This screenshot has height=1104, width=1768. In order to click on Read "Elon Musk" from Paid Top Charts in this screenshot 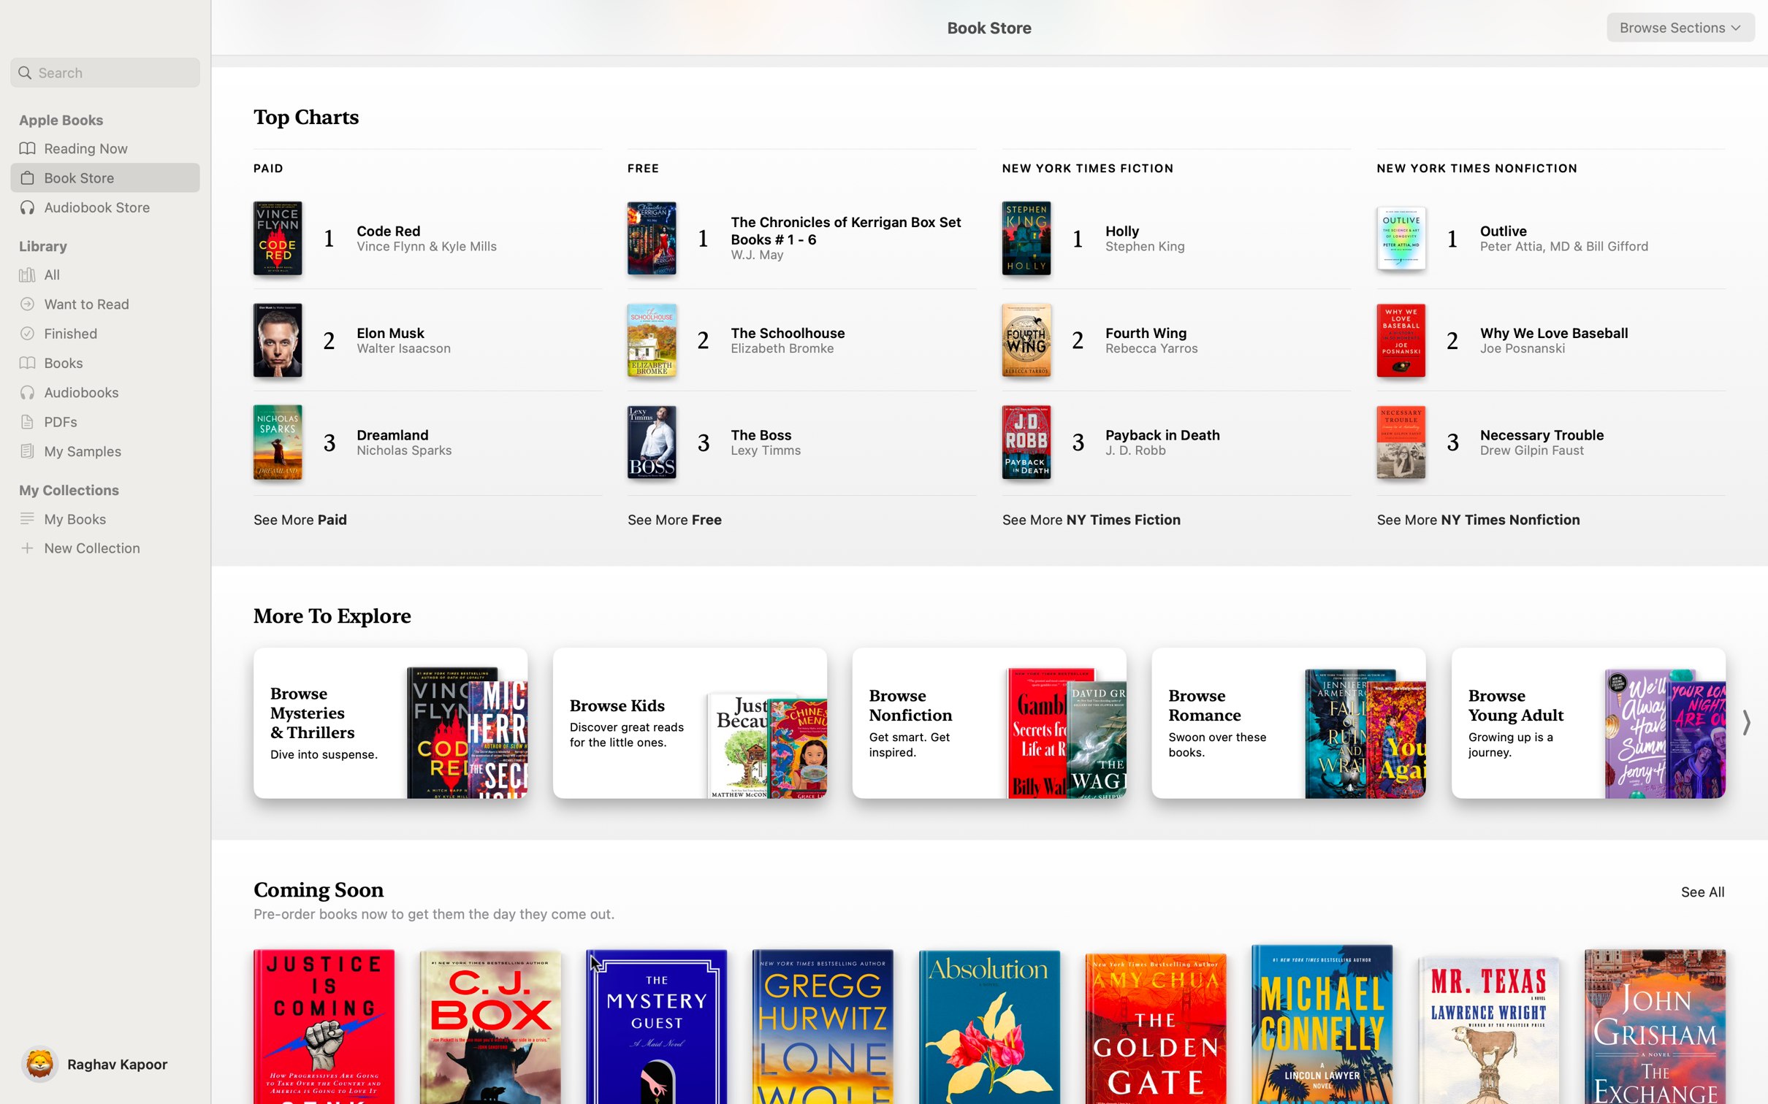, I will do `click(414, 342)`.